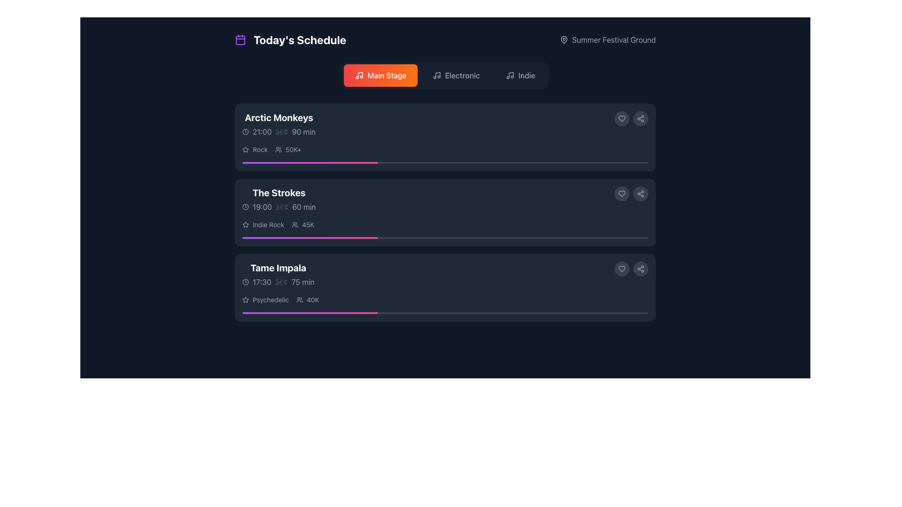 The height and width of the screenshot is (507, 902). I want to click on the text label displaying '60 min' that is styled in gray and located at the far-right of the schedule row for 'The Strokes', following a middle dot ('•'), so click(304, 206).